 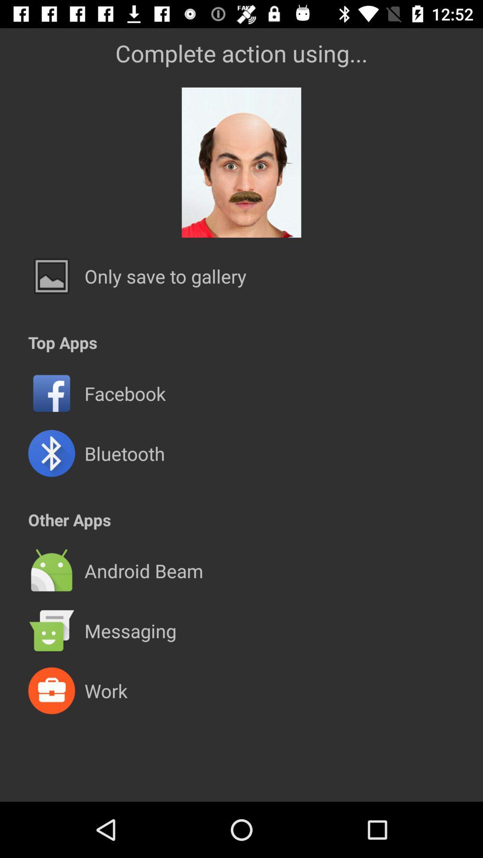 What do you see at coordinates (69, 520) in the screenshot?
I see `the other apps` at bounding box center [69, 520].